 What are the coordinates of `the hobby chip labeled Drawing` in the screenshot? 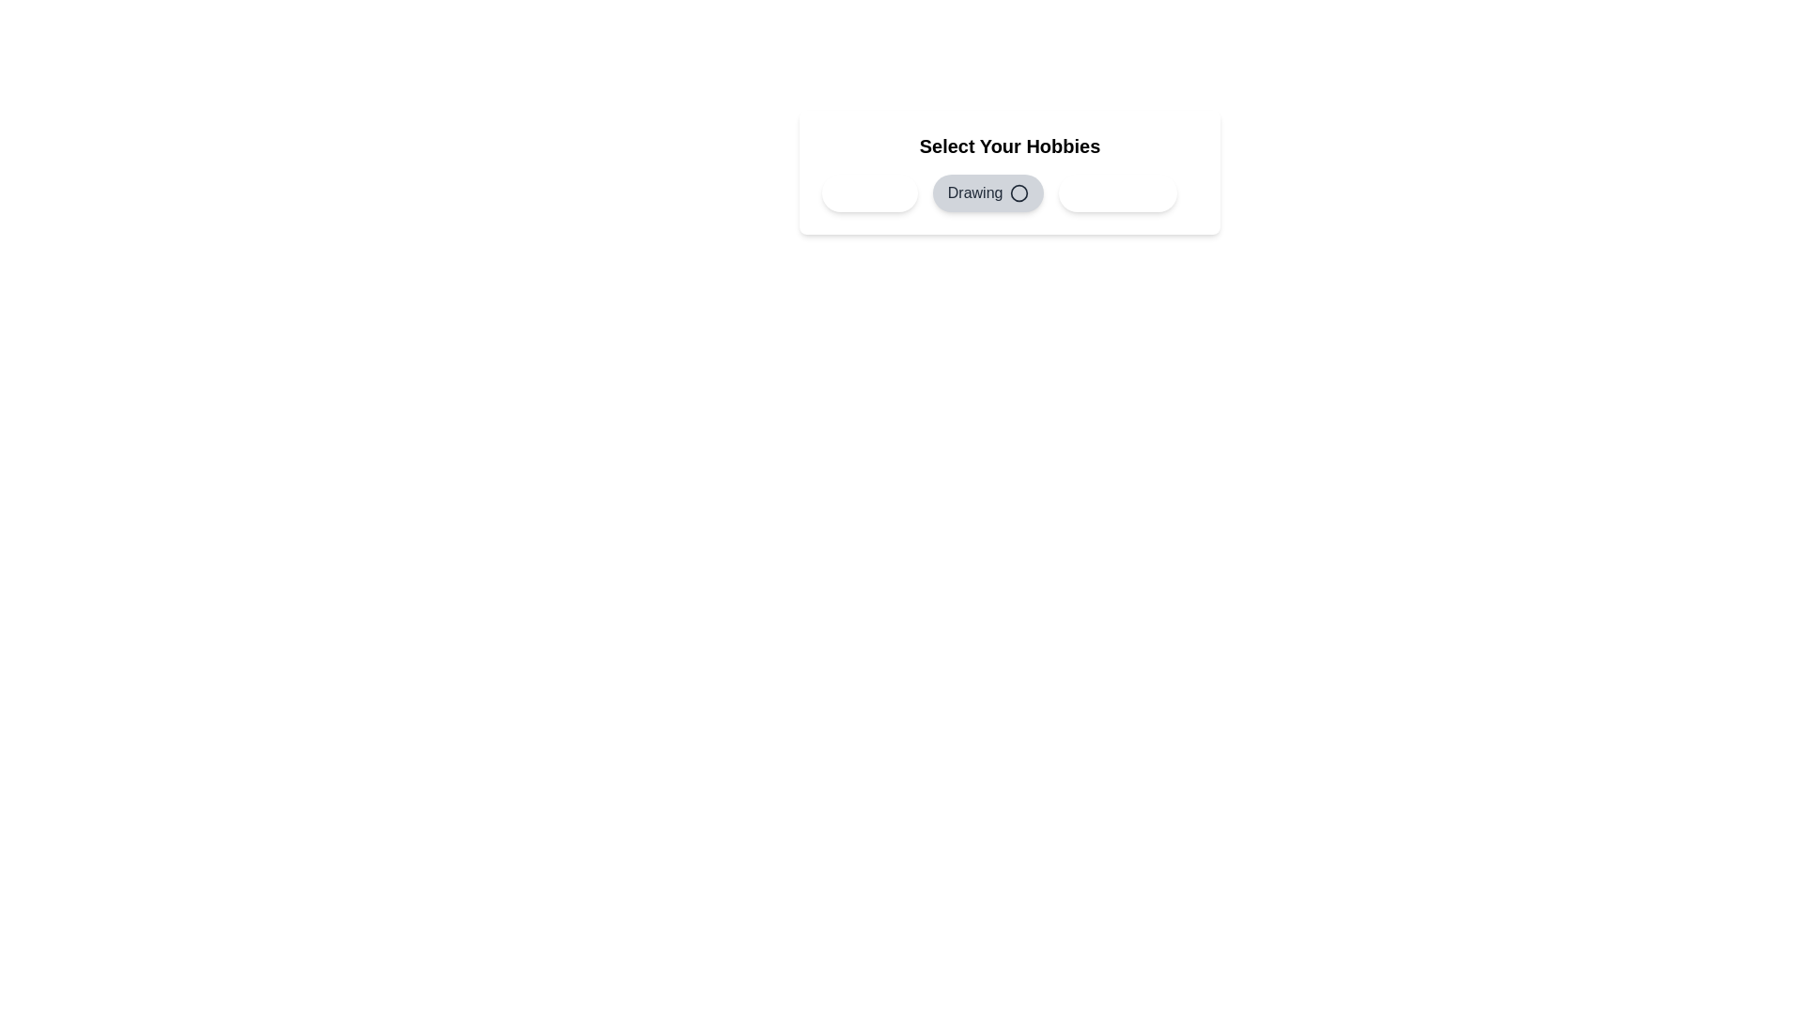 It's located at (988, 192).